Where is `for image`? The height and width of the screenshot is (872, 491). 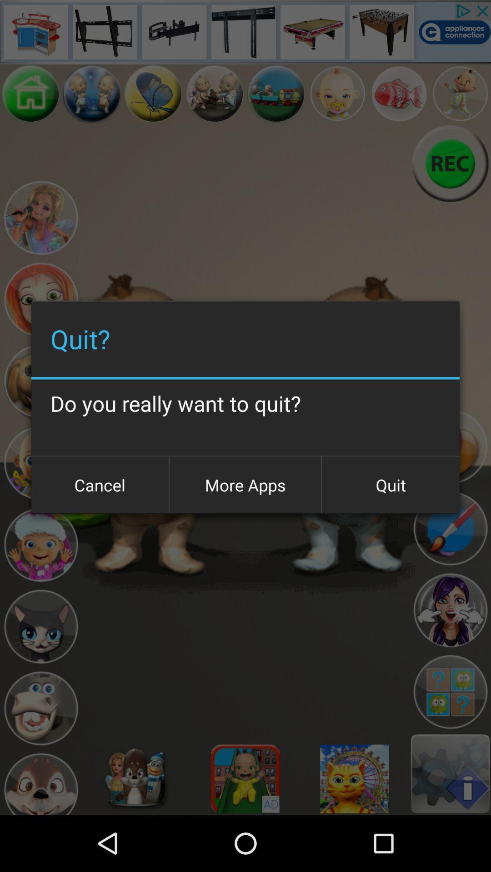 for image is located at coordinates (245, 778).